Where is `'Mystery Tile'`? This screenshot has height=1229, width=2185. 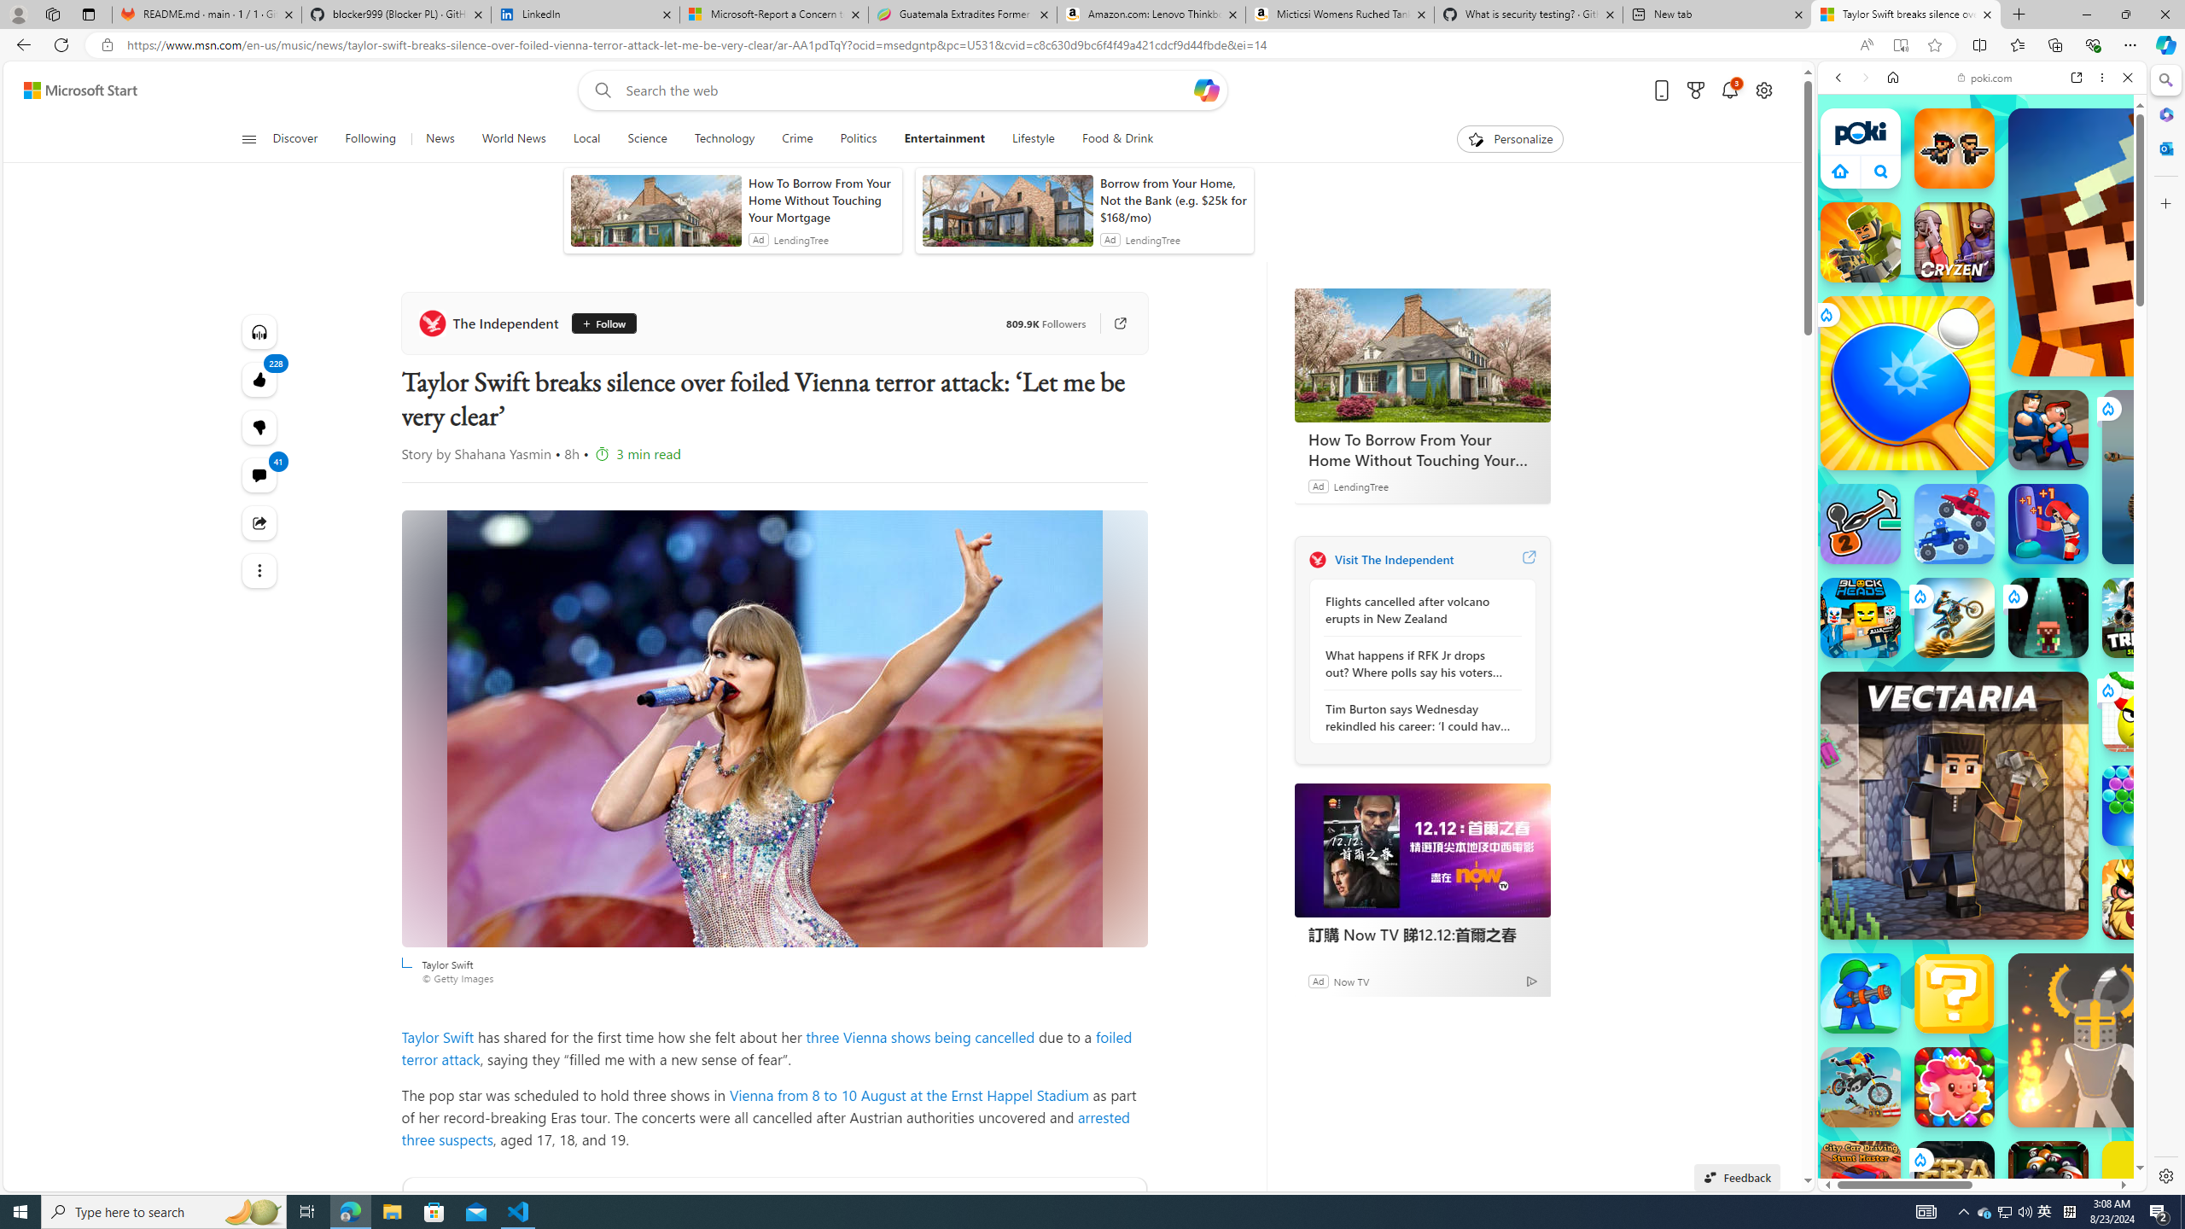
'Mystery Tile' is located at coordinates (1953, 993).